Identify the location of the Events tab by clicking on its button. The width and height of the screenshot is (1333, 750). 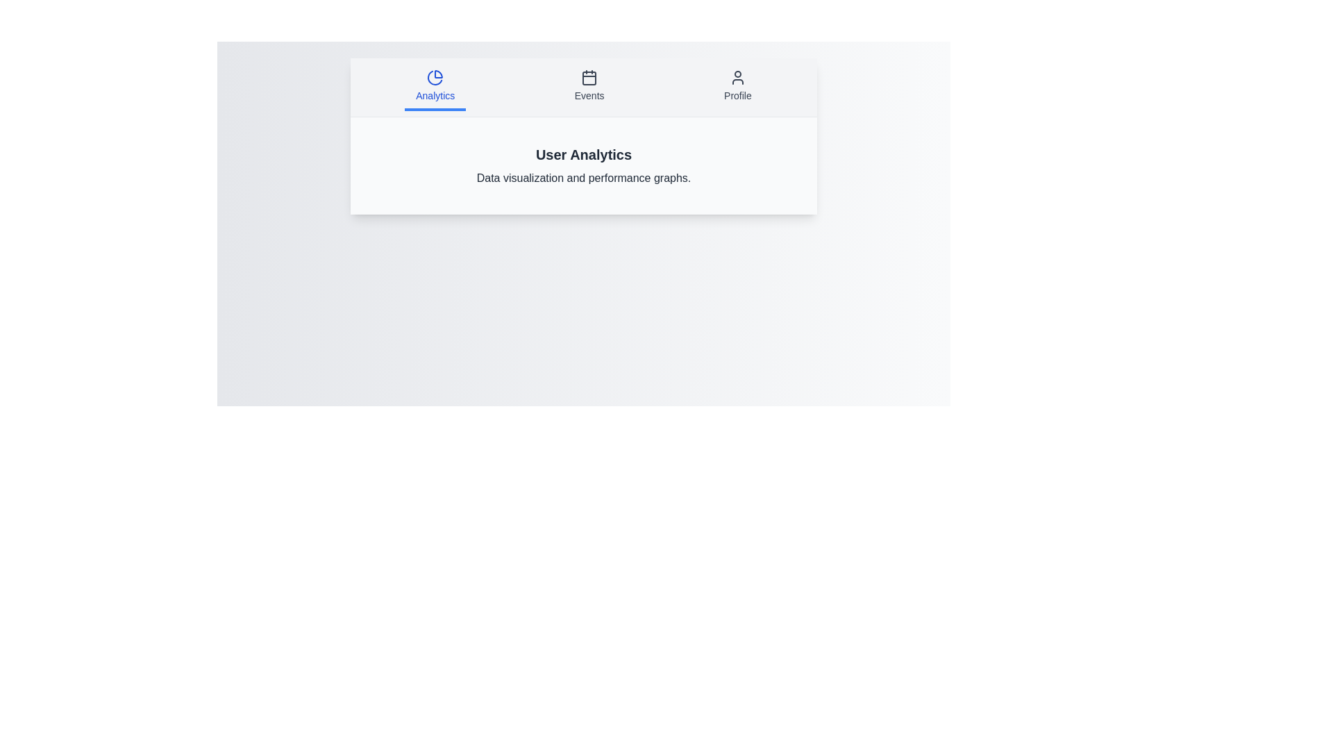
(589, 87).